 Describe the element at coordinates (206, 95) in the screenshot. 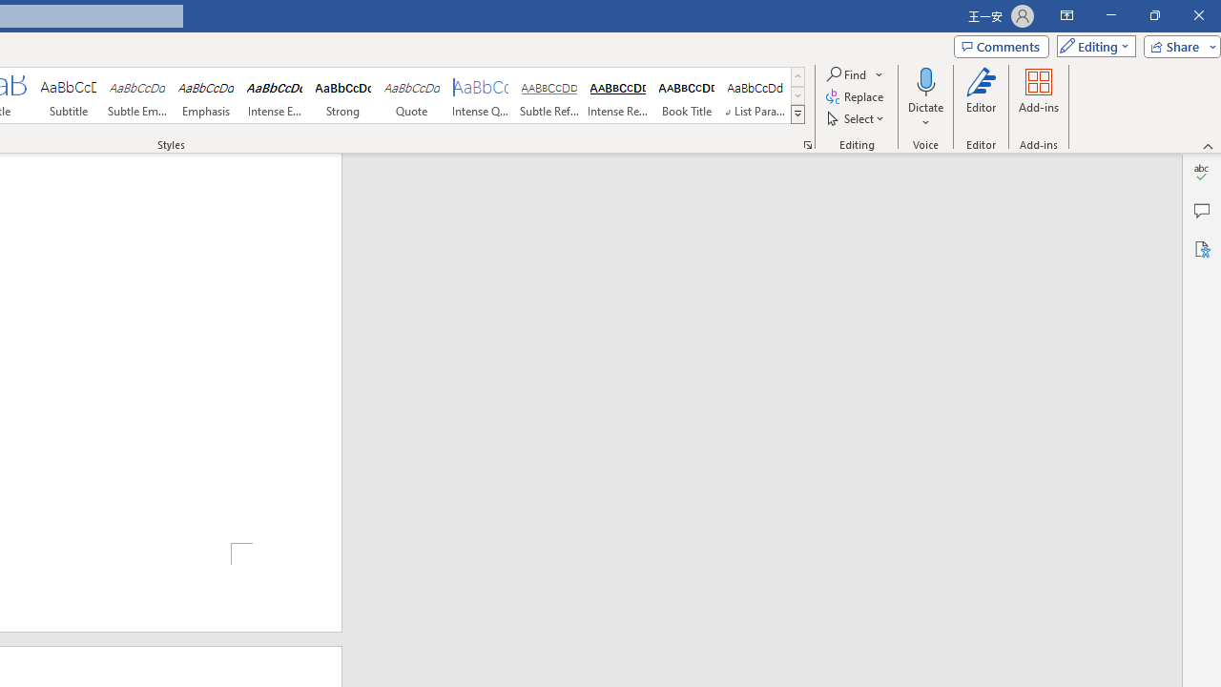

I see `'Emphasis'` at that location.